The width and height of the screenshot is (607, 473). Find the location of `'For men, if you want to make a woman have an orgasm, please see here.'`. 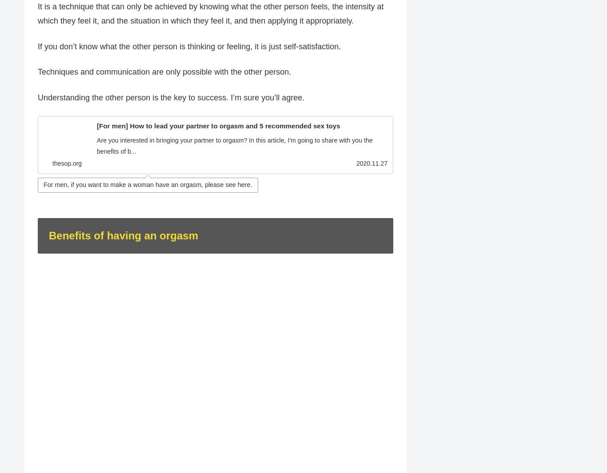

'For men, if you want to make a woman have an orgasm, please see here.' is located at coordinates (148, 184).